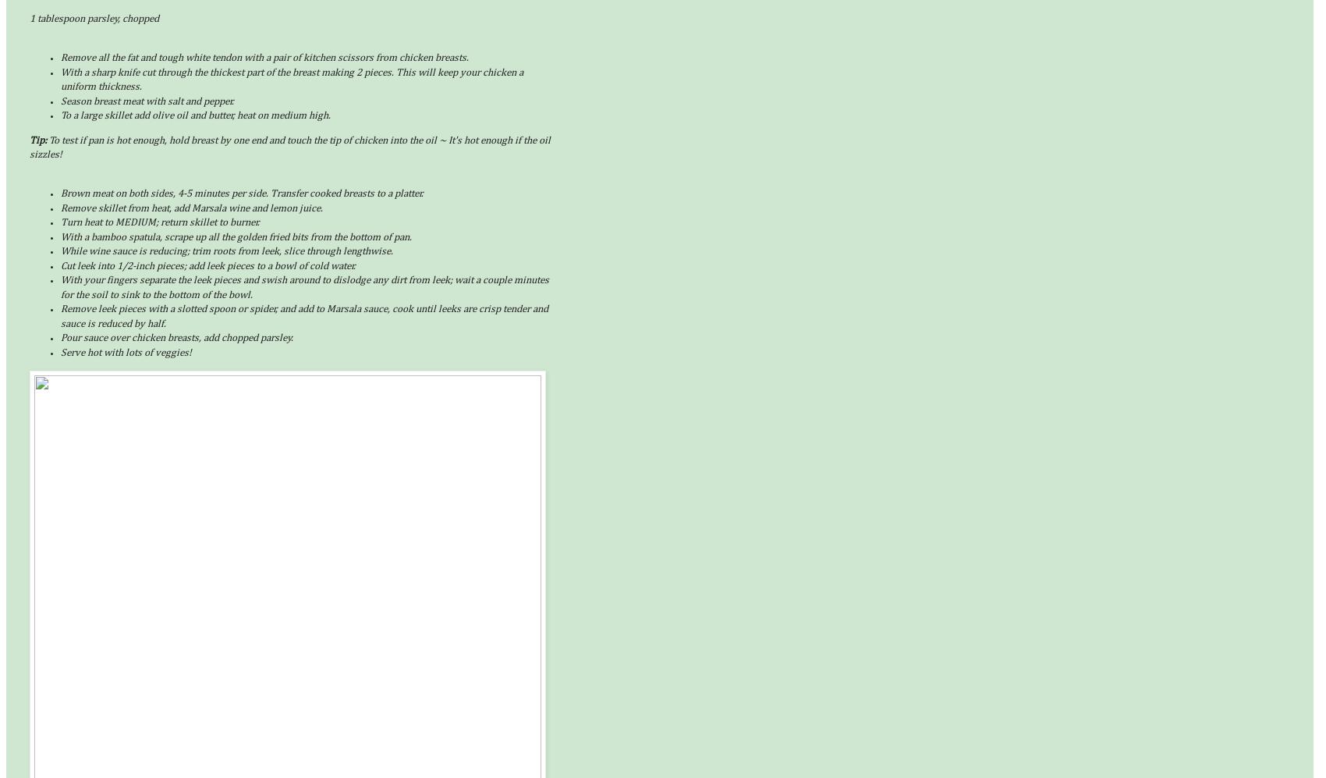  What do you see at coordinates (264, 57) in the screenshot?
I see `'Remove all the fat and tough white tendon with a pair of kitchen scissors from chicken breasts.'` at bounding box center [264, 57].